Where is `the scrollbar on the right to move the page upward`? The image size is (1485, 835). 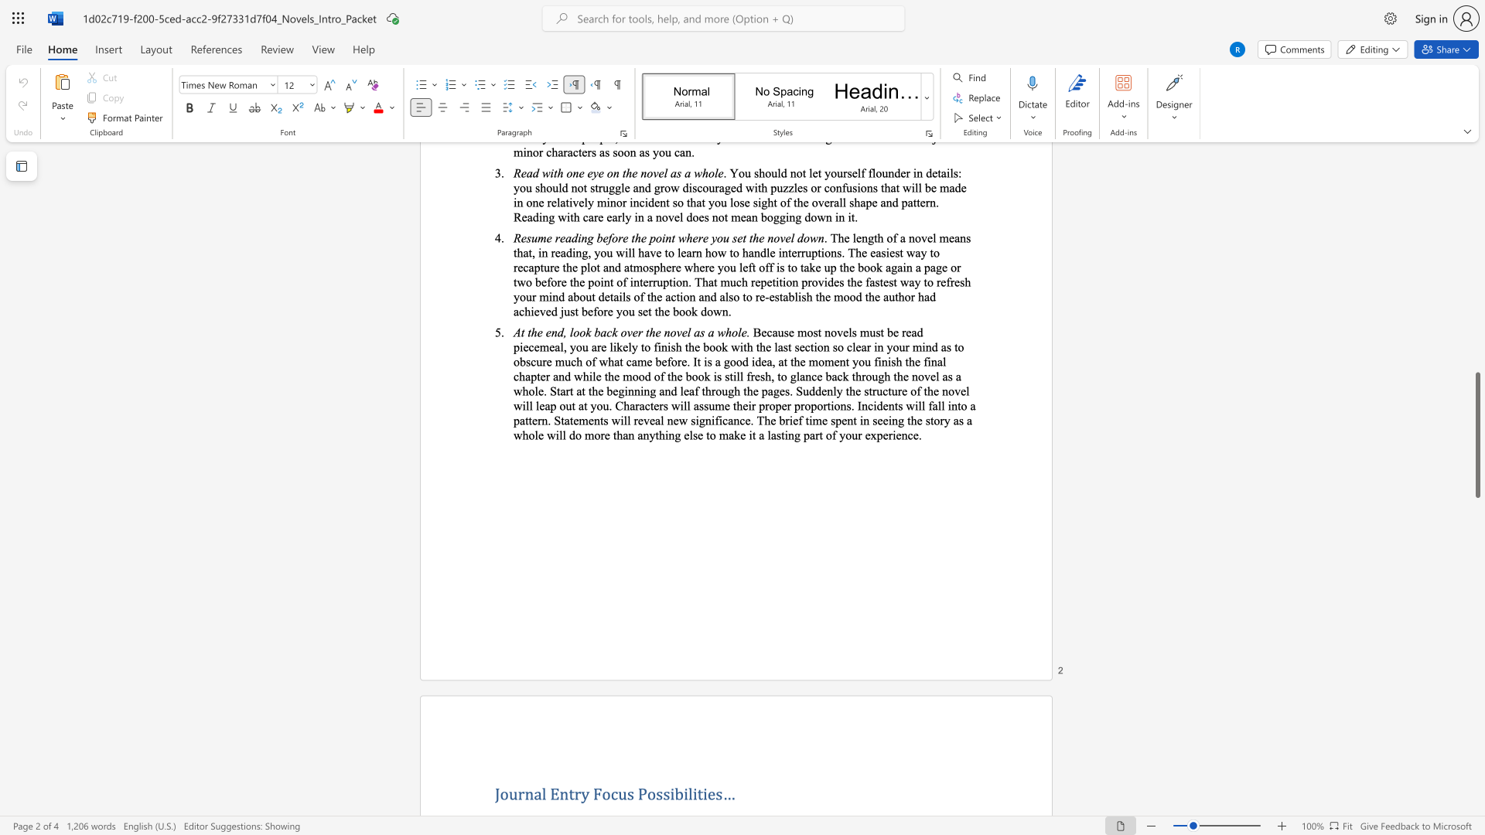 the scrollbar on the right to move the page upward is located at coordinates (1476, 223).